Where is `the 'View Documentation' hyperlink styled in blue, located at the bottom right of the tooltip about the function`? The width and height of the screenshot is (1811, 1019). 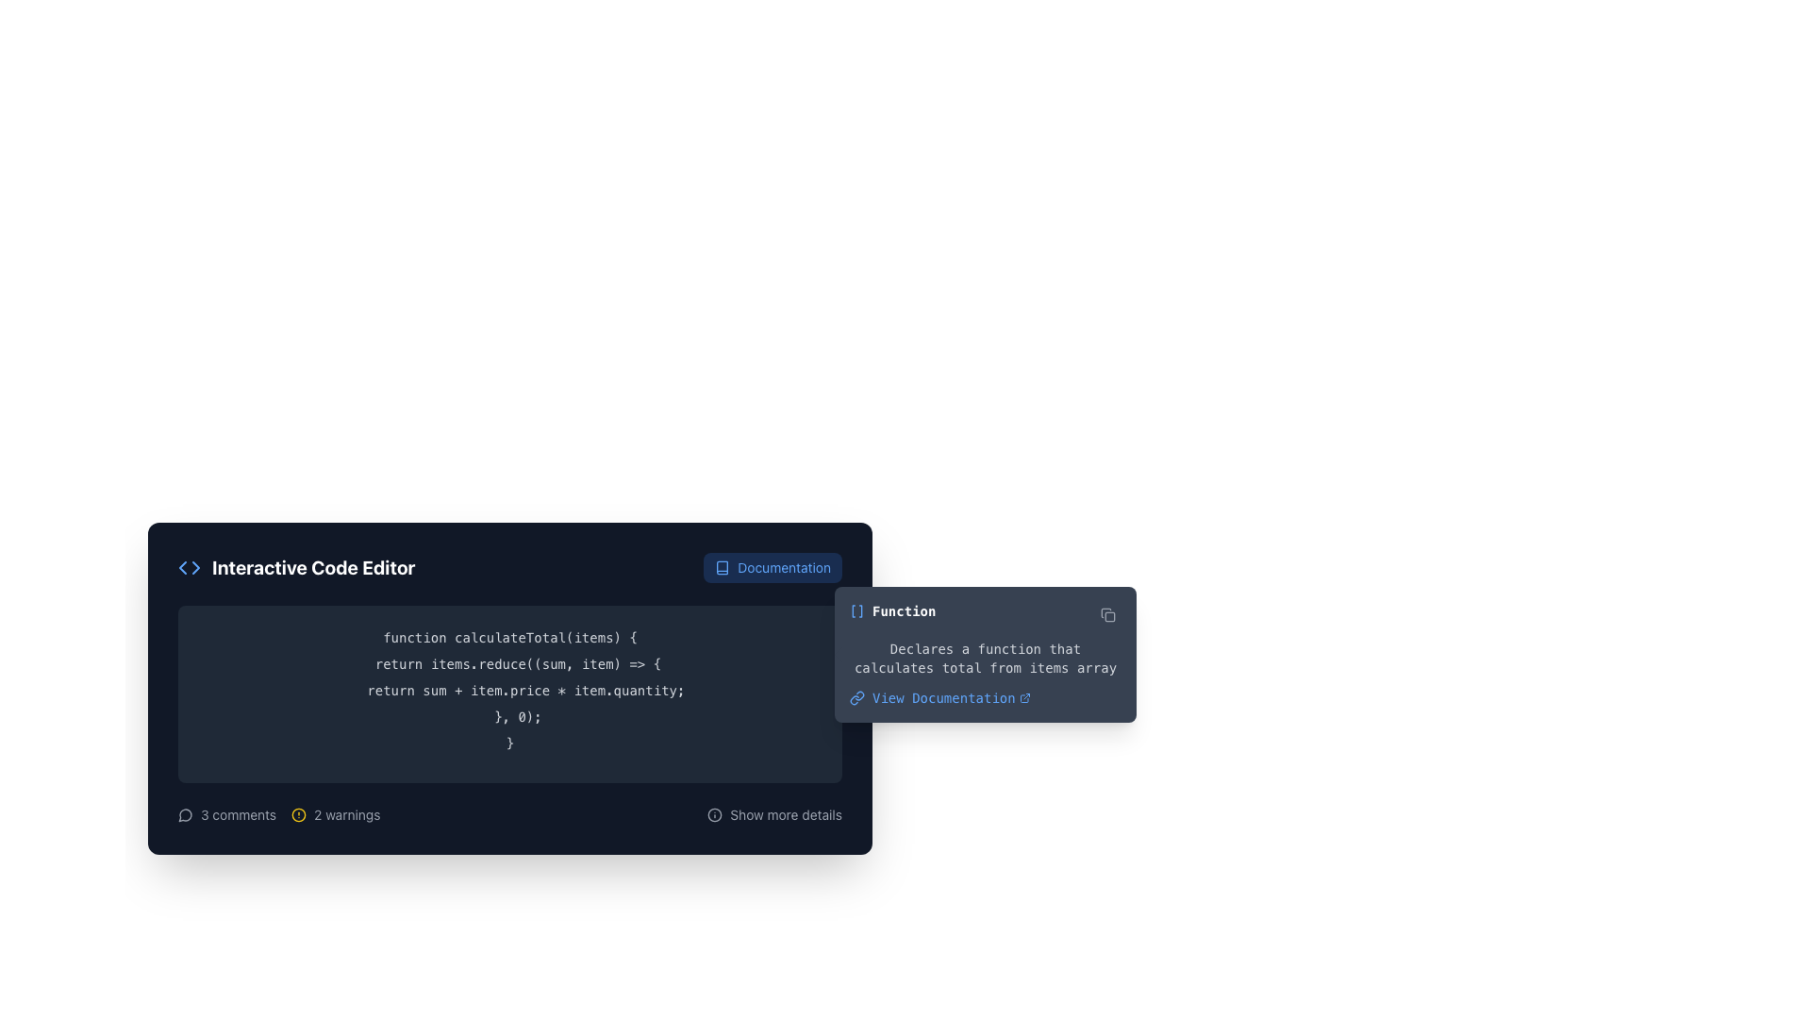 the 'View Documentation' hyperlink styled in blue, located at the bottom right of the tooltip about the function is located at coordinates (951, 698).